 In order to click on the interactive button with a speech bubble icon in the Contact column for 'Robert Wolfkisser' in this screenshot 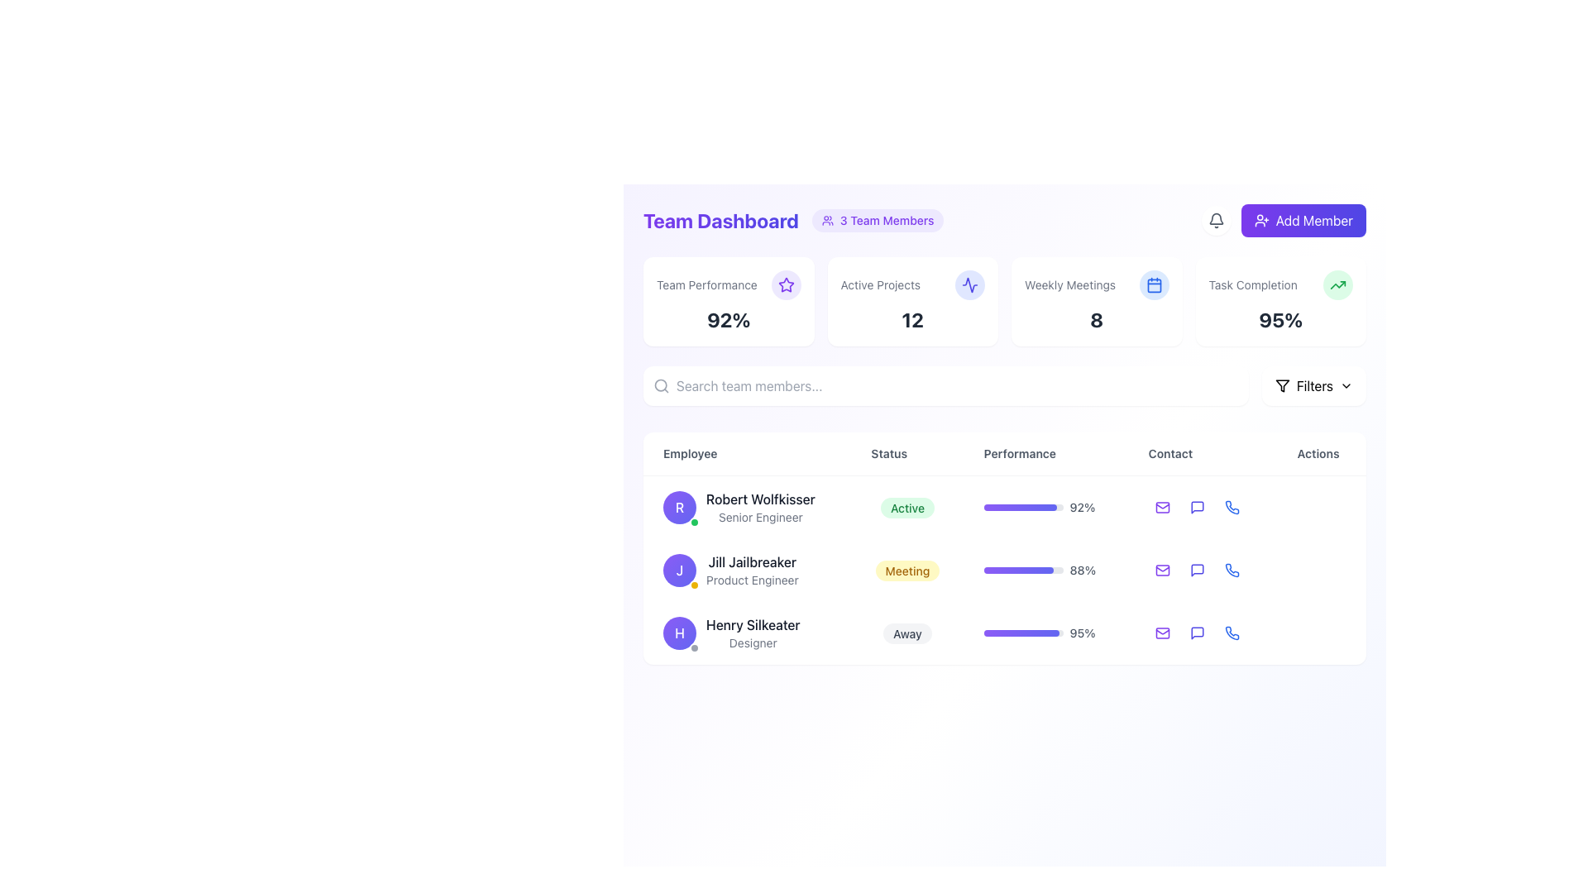, I will do `click(1197, 506)`.